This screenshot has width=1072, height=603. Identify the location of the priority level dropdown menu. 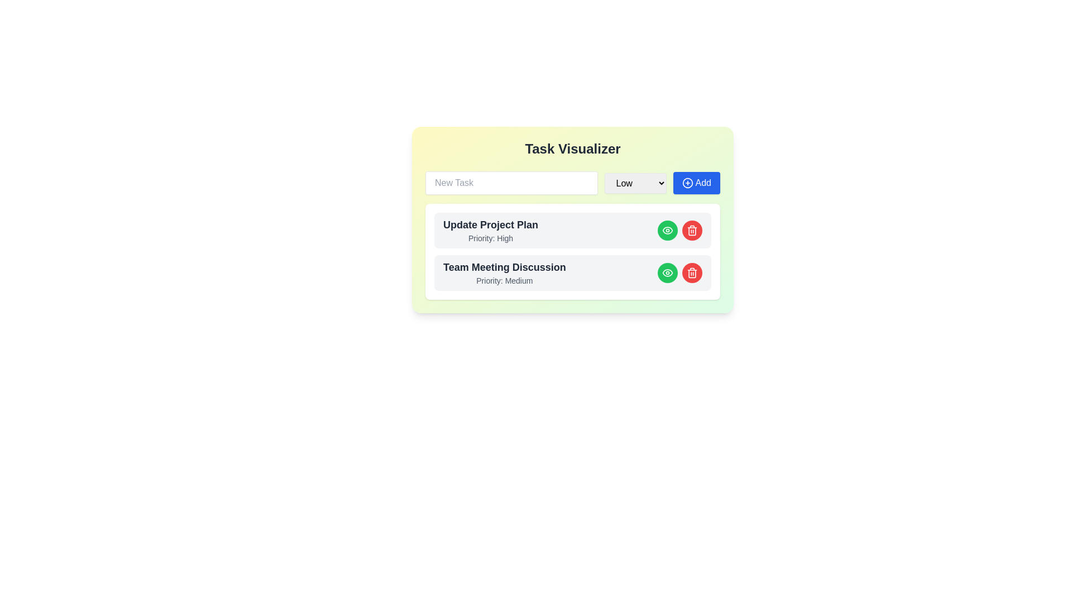
(635, 182).